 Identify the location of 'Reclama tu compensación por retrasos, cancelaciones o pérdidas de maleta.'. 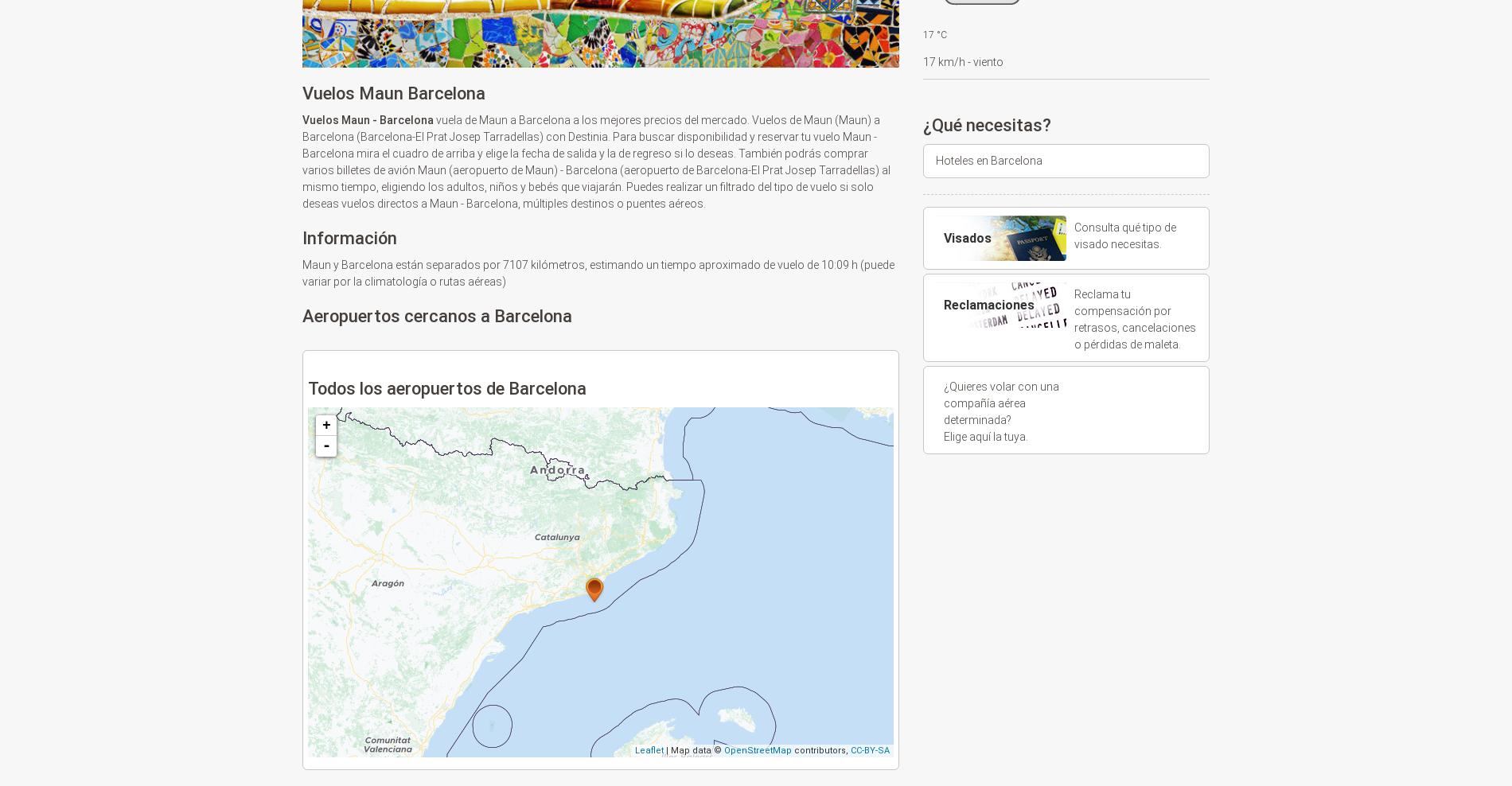
(1073, 318).